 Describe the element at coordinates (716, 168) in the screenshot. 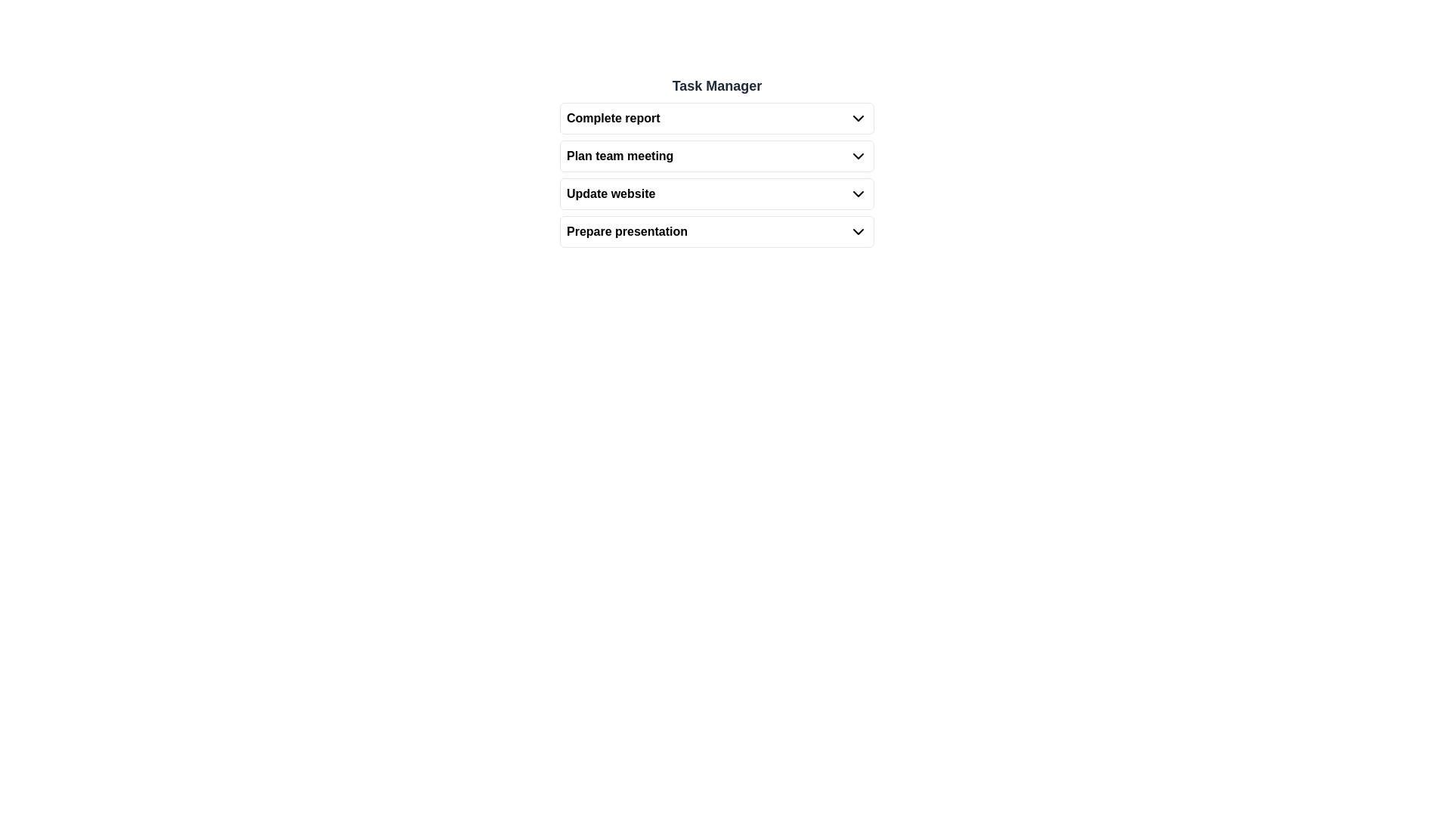

I see `the 'Plan team meeting' dropdown button` at that location.